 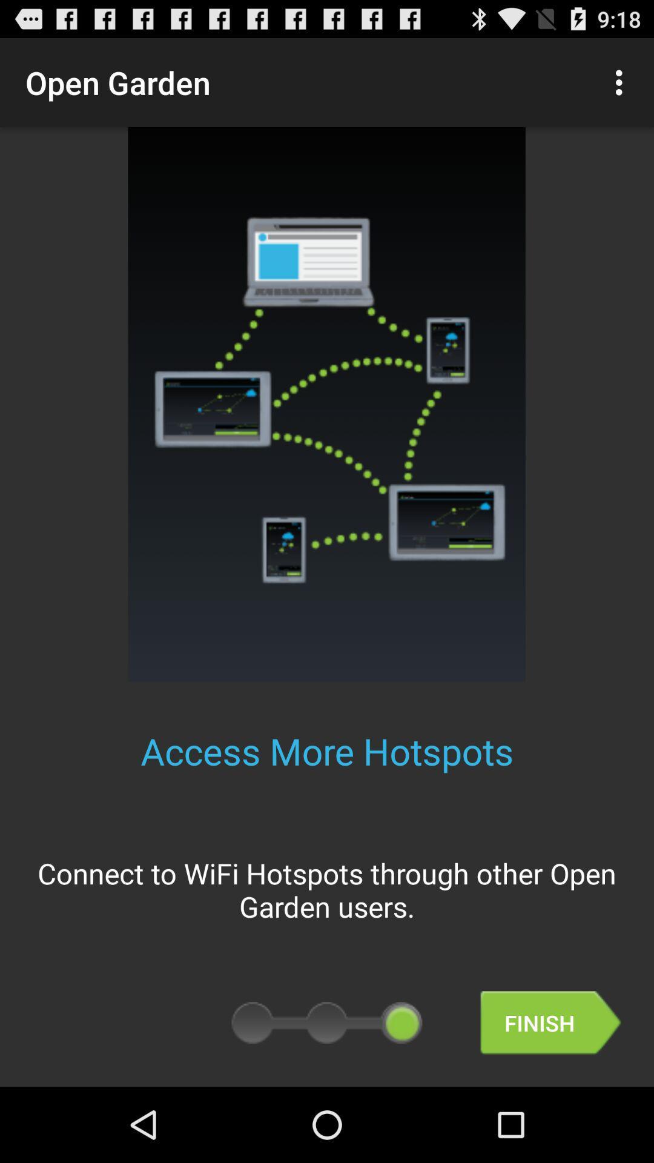 I want to click on finish at the bottom right corner, so click(x=550, y=1022).